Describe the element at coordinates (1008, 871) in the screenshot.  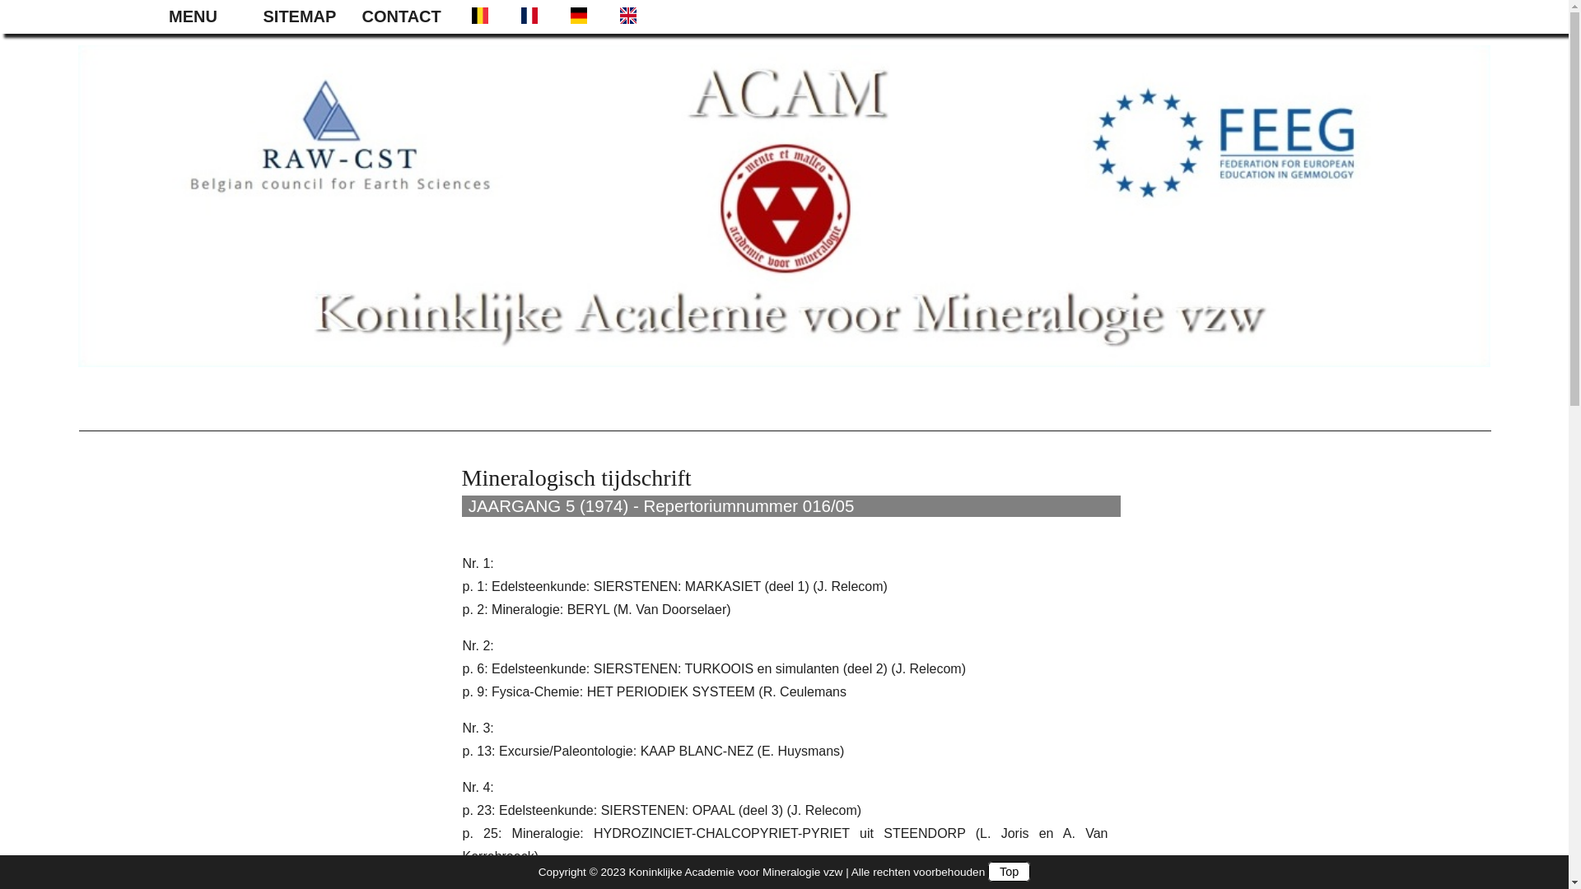
I see `'Top'` at that location.